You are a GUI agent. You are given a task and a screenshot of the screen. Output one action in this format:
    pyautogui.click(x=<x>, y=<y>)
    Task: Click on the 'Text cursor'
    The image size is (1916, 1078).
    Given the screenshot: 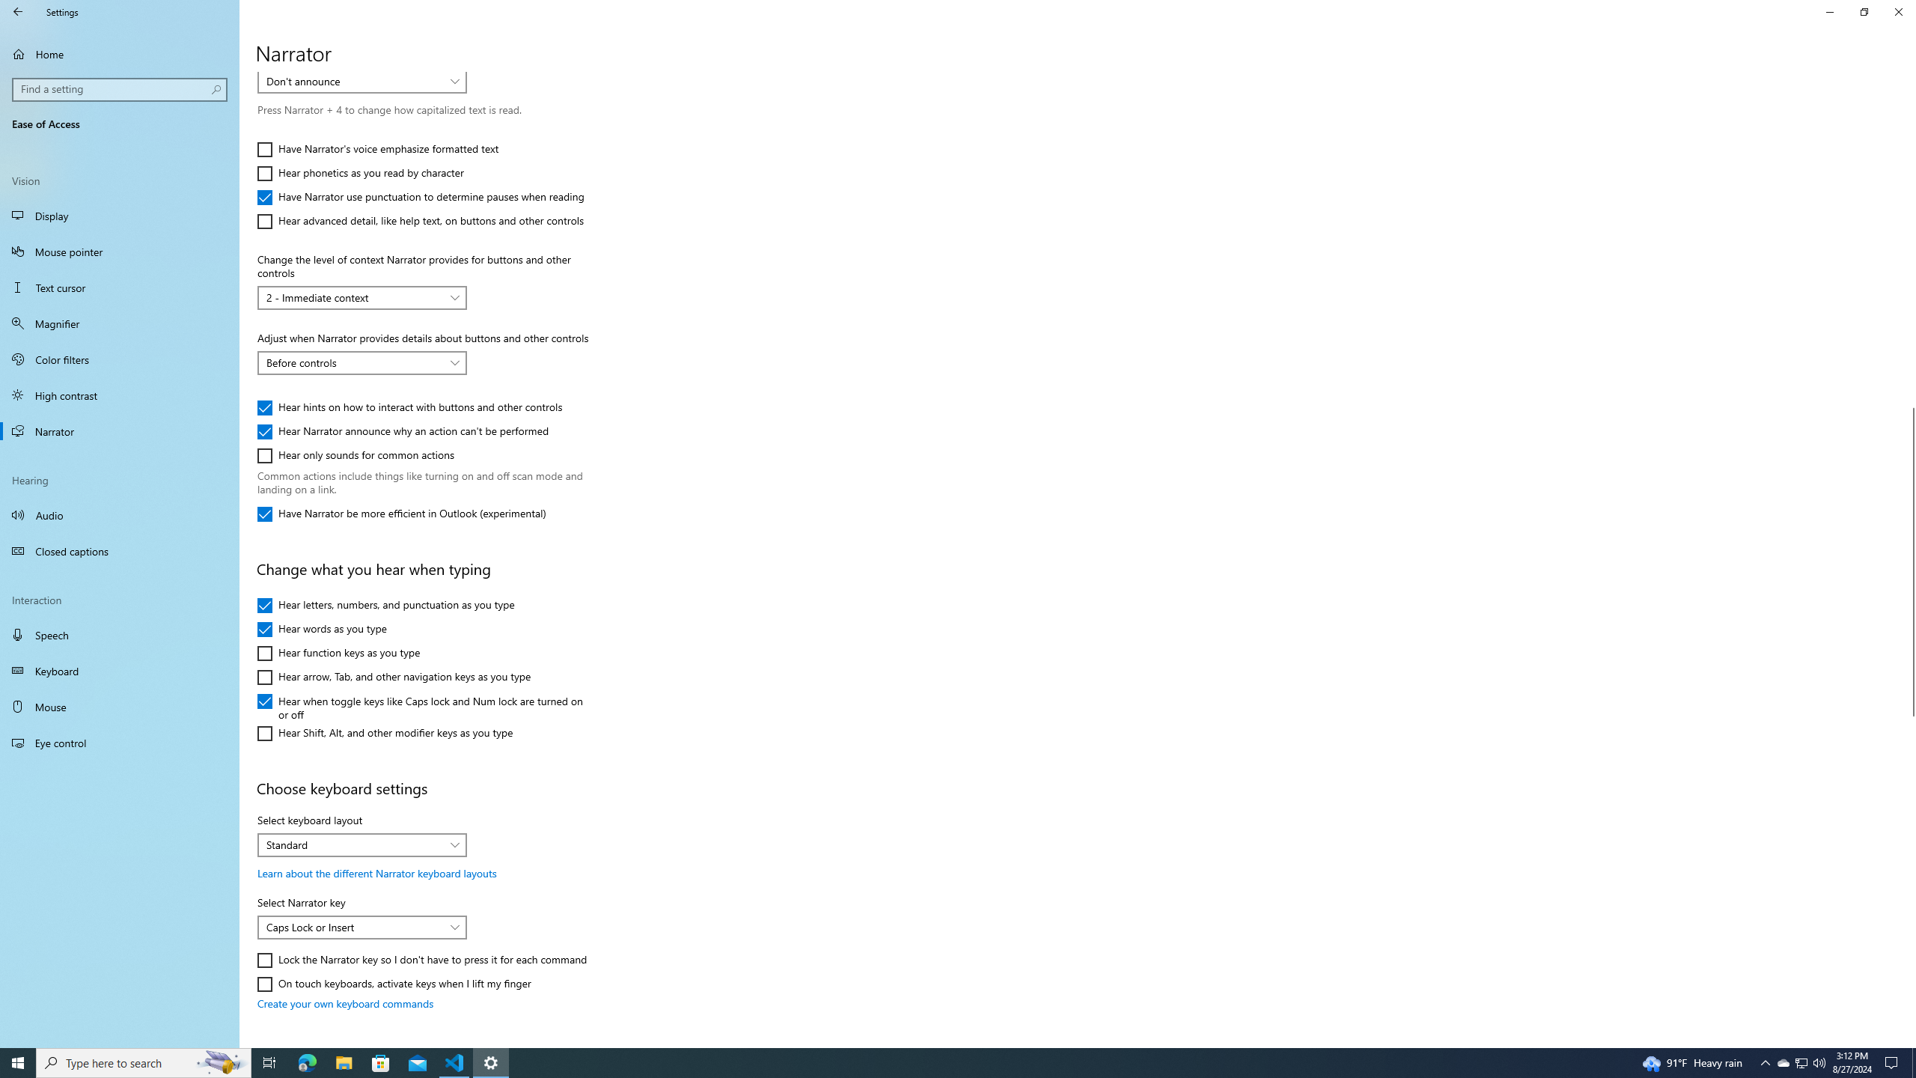 What is the action you would take?
    pyautogui.click(x=119, y=286)
    